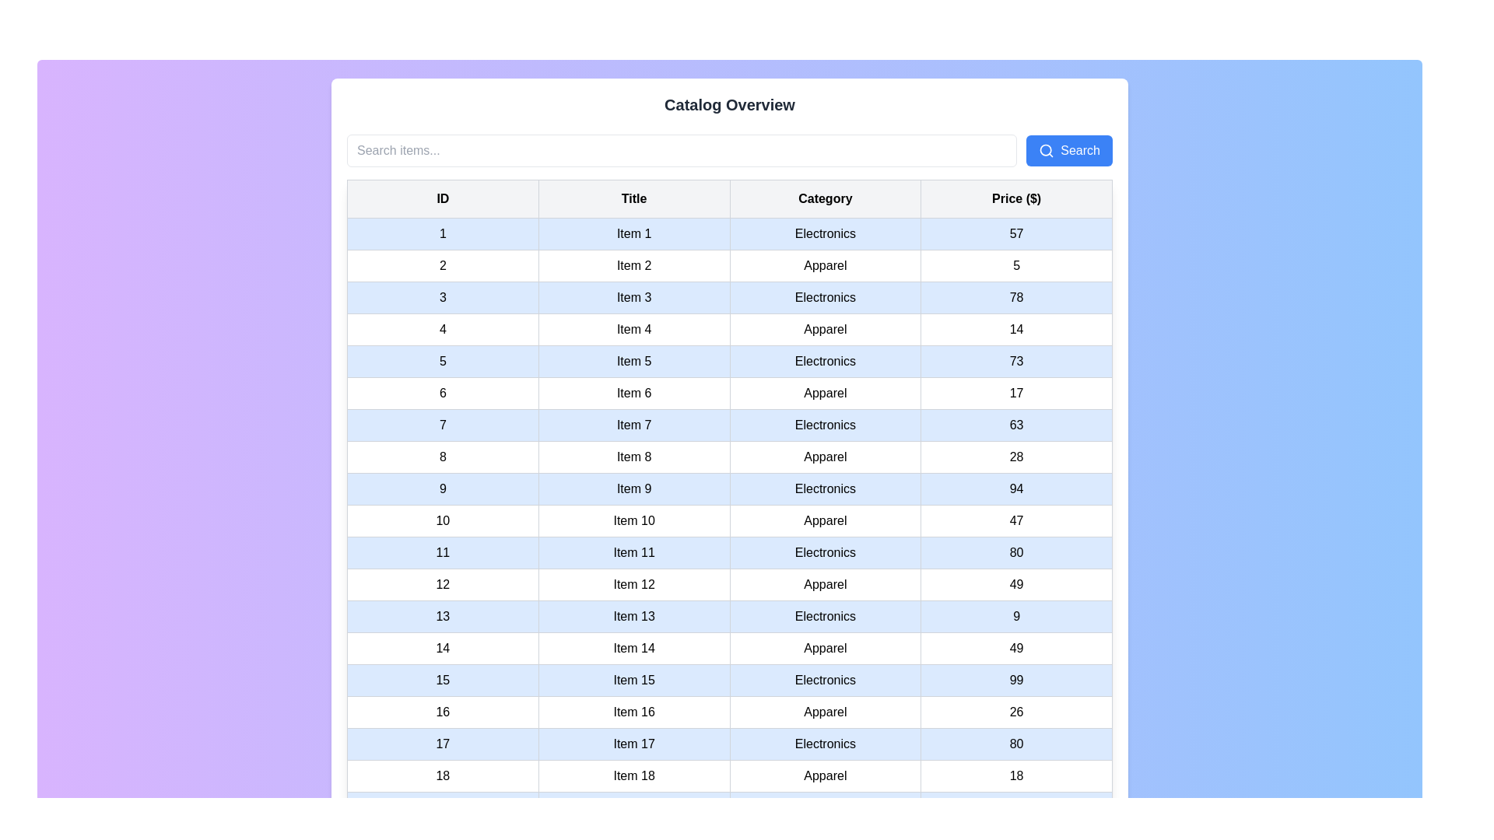  What do you see at coordinates (824, 362) in the screenshot?
I see `the Text Label in the 'Category' column for 'Item 5' in the structured table` at bounding box center [824, 362].